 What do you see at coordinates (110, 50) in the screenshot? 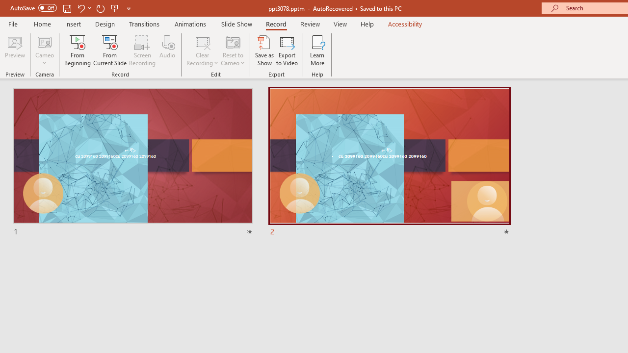
I see `'From Current Slide...'` at bounding box center [110, 50].